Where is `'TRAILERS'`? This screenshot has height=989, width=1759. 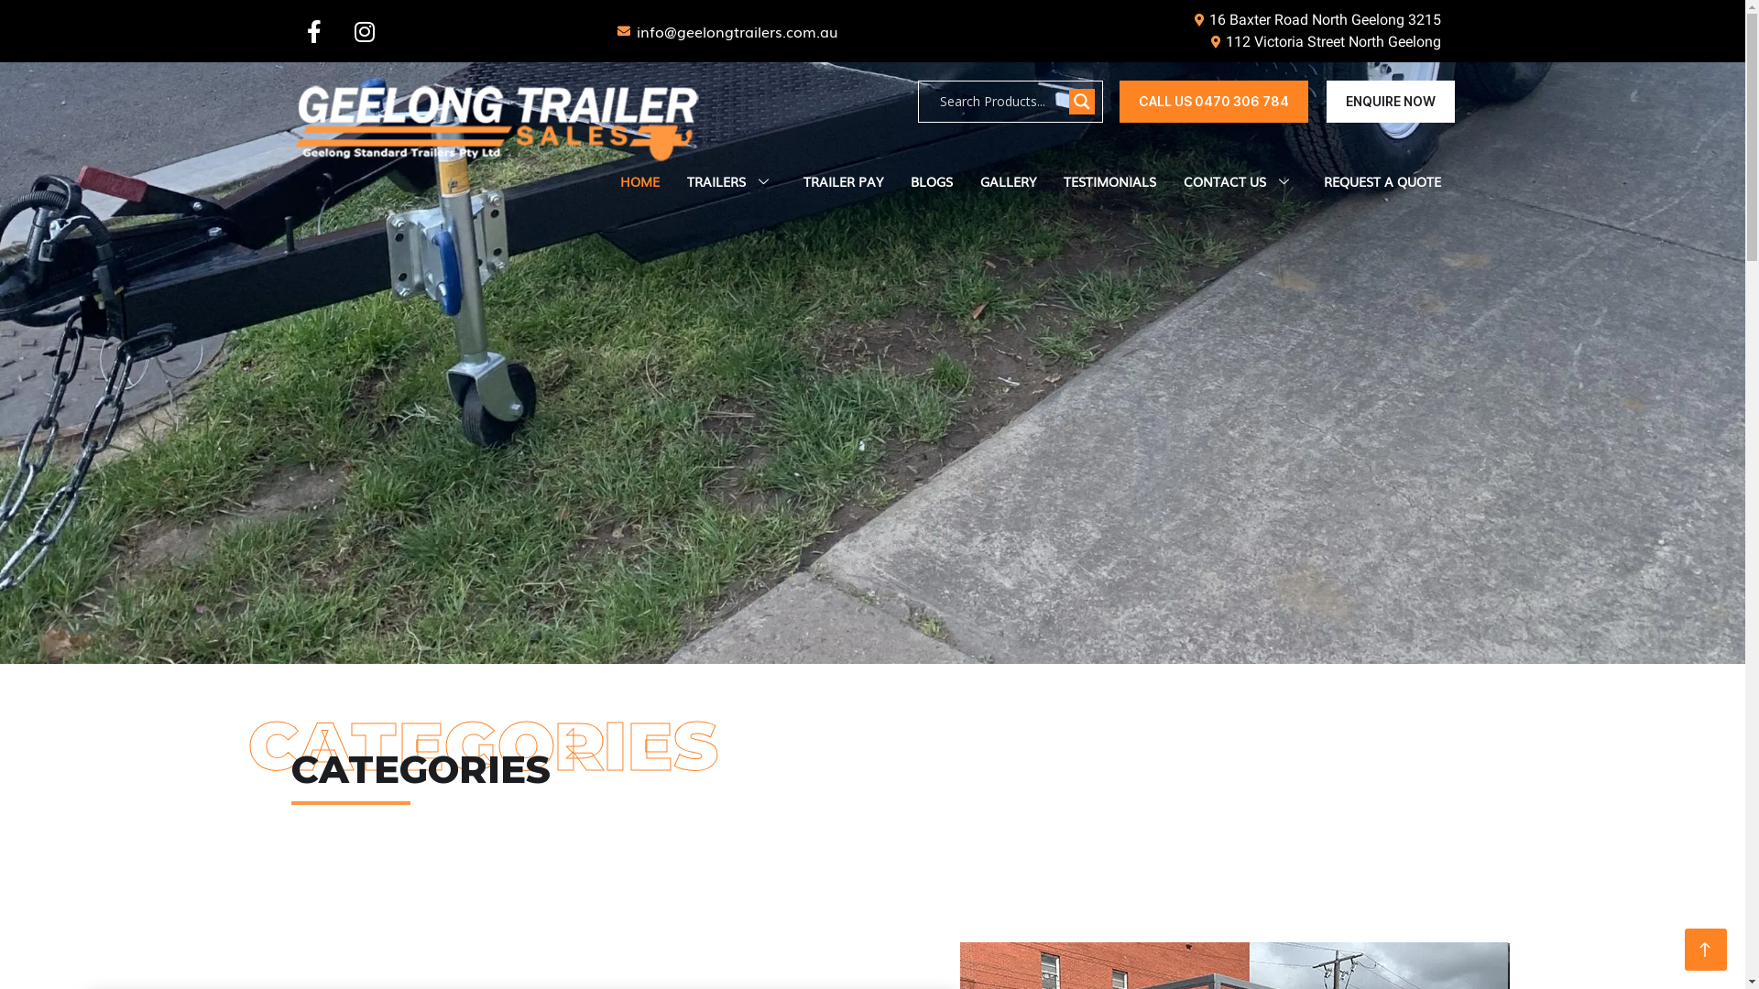
'TRAILERS' is located at coordinates (729, 182).